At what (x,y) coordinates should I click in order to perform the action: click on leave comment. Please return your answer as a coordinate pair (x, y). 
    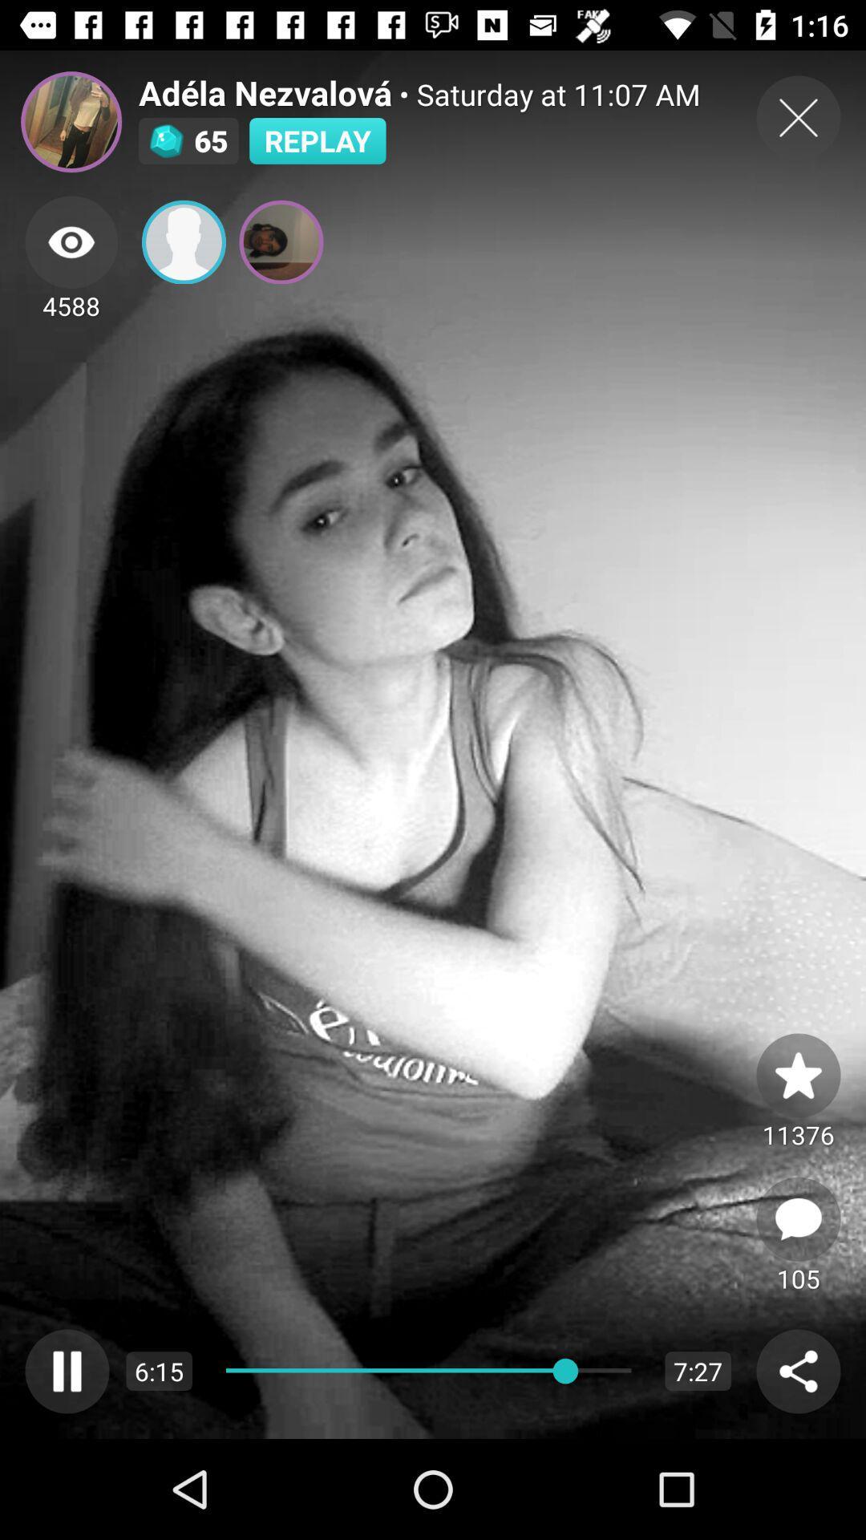
    Looking at the image, I should click on (798, 1219).